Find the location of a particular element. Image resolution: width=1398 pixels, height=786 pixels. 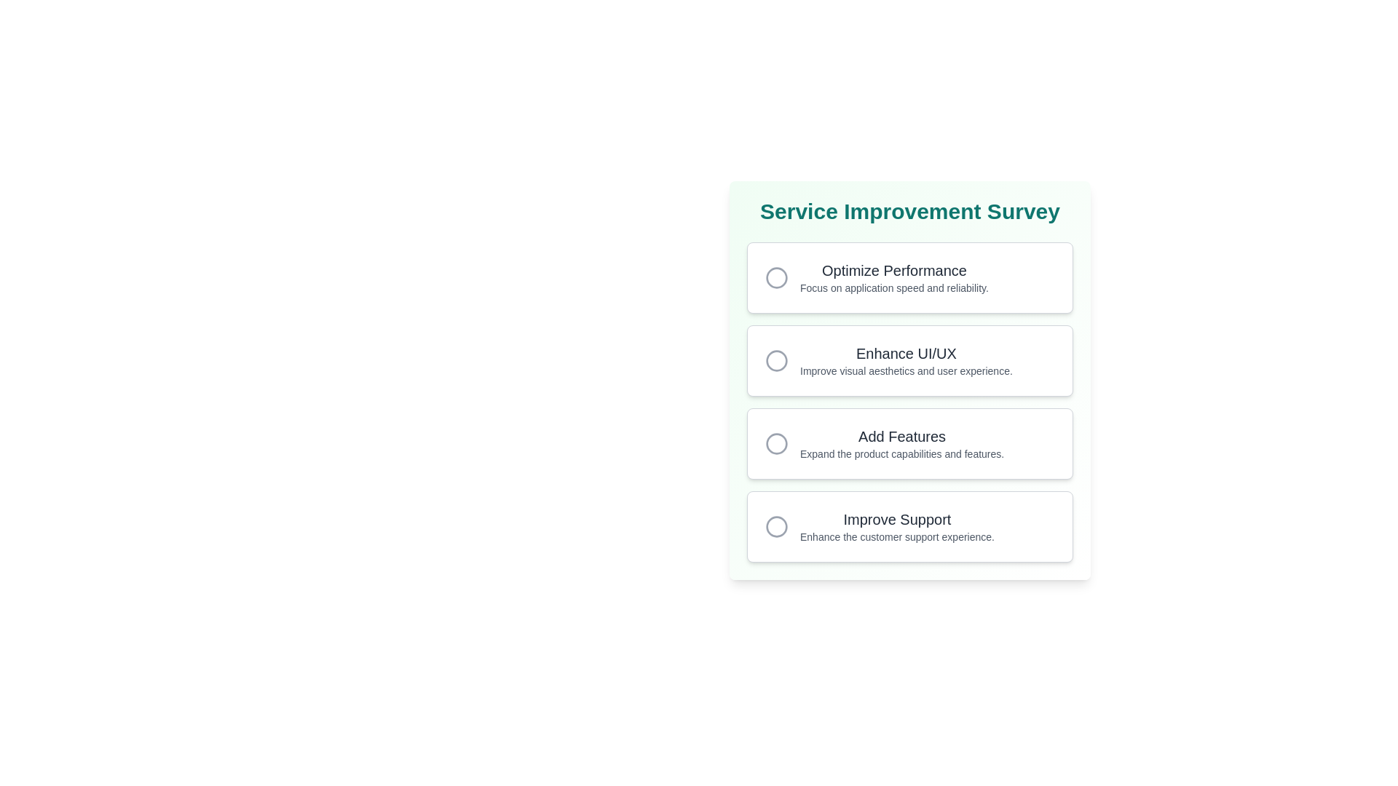

the unselected radio button icon located to the left of the 'Add Features' heading and its description is located at coordinates (775, 442).